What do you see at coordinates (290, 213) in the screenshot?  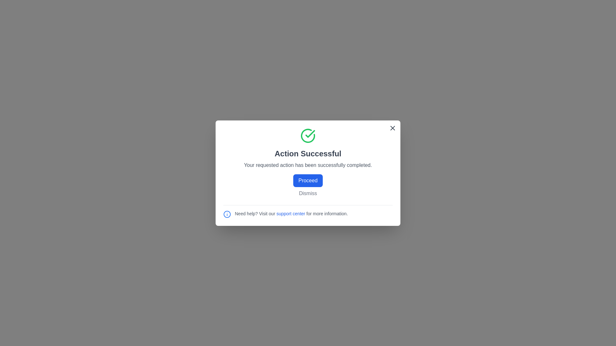 I see `the hyperlink 'support center' located at the bottom of a modal dialog` at bounding box center [290, 213].